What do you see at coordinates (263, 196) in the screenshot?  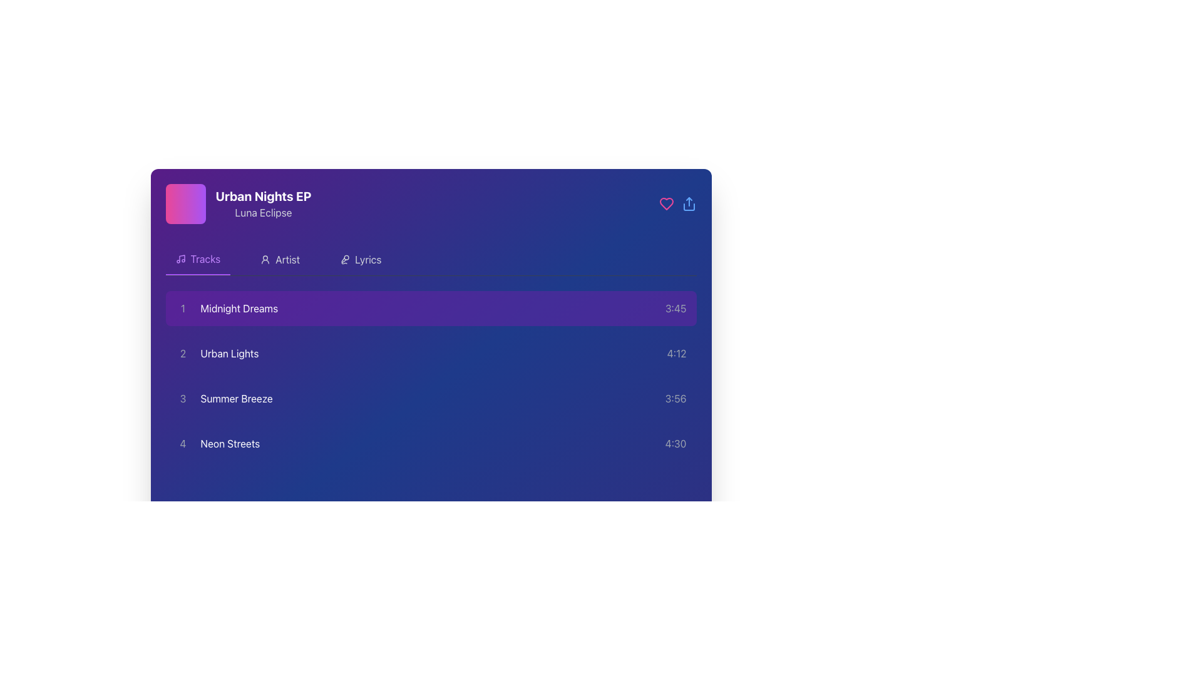 I see `the bold text label 'Urban Nights EP' which is prominently styled and positioned at the top-left corner of the interface` at bounding box center [263, 196].